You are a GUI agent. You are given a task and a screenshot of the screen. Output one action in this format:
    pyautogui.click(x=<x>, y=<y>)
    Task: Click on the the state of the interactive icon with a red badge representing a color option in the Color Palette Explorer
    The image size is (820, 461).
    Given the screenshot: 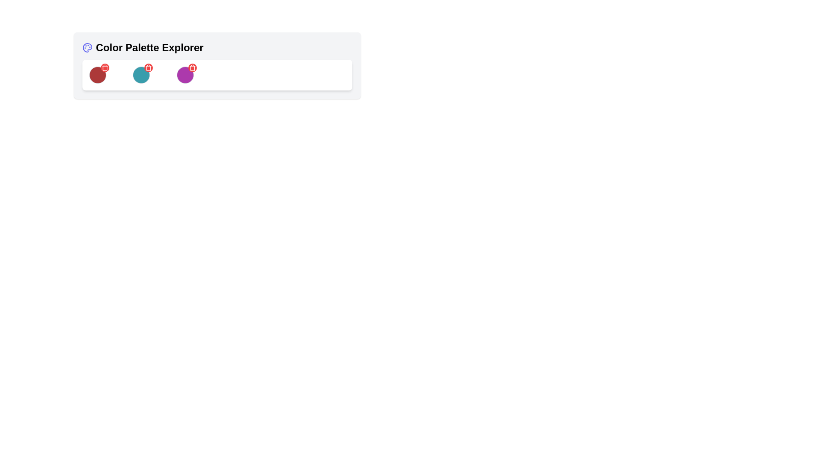 What is the action you would take?
    pyautogui.click(x=141, y=75)
    